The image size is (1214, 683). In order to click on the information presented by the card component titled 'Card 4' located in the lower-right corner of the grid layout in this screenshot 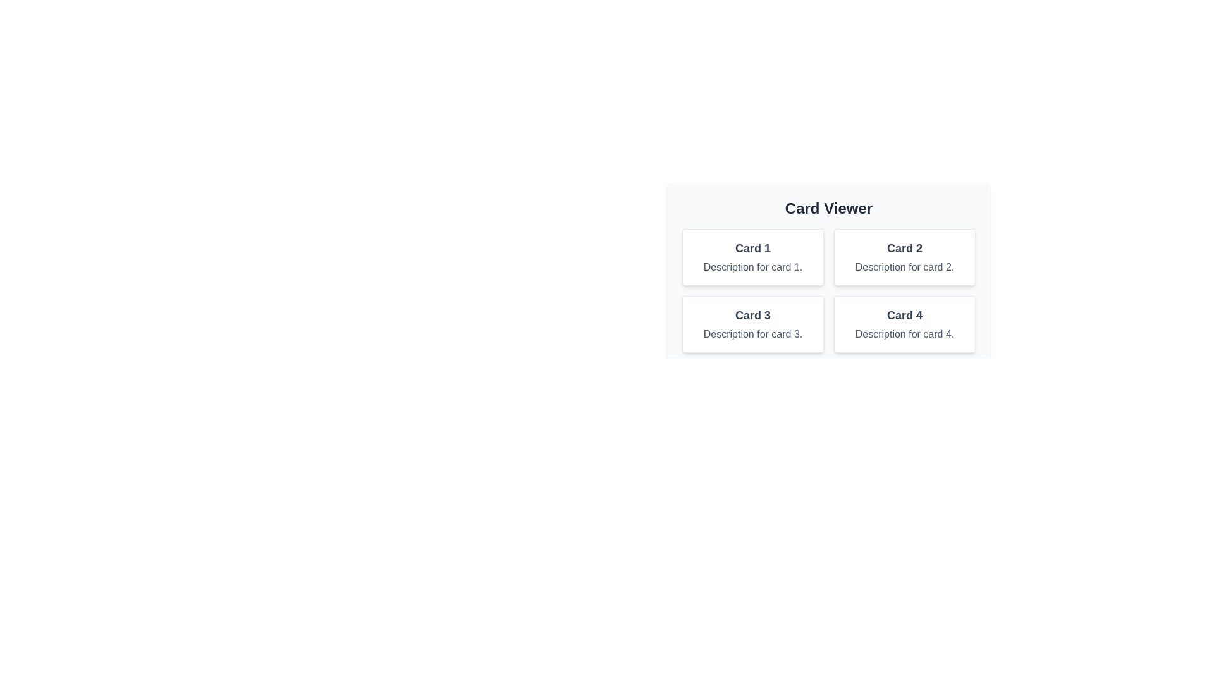, I will do `click(904, 324)`.